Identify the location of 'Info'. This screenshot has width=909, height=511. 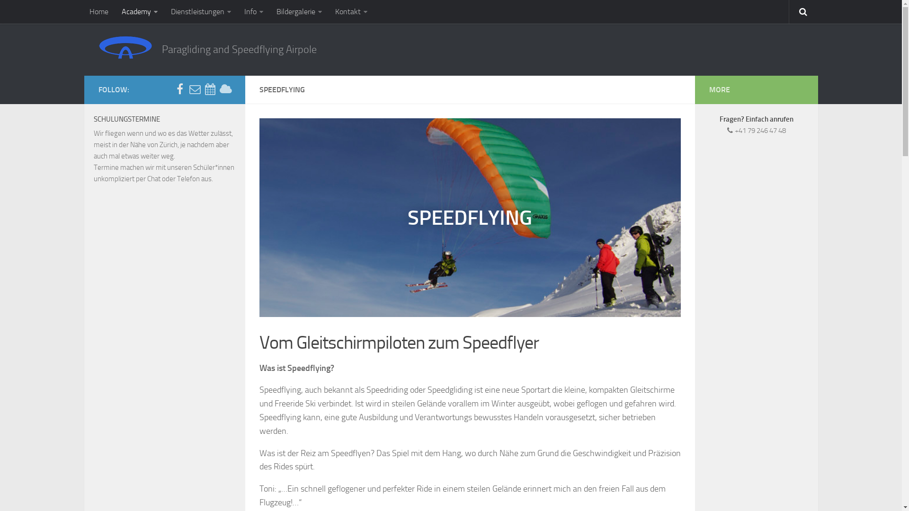
(254, 11).